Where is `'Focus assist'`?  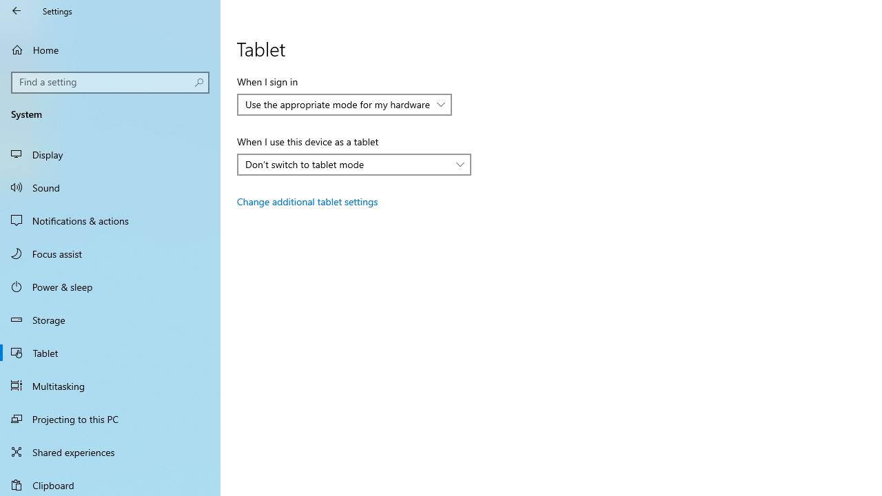 'Focus assist' is located at coordinates (110, 253).